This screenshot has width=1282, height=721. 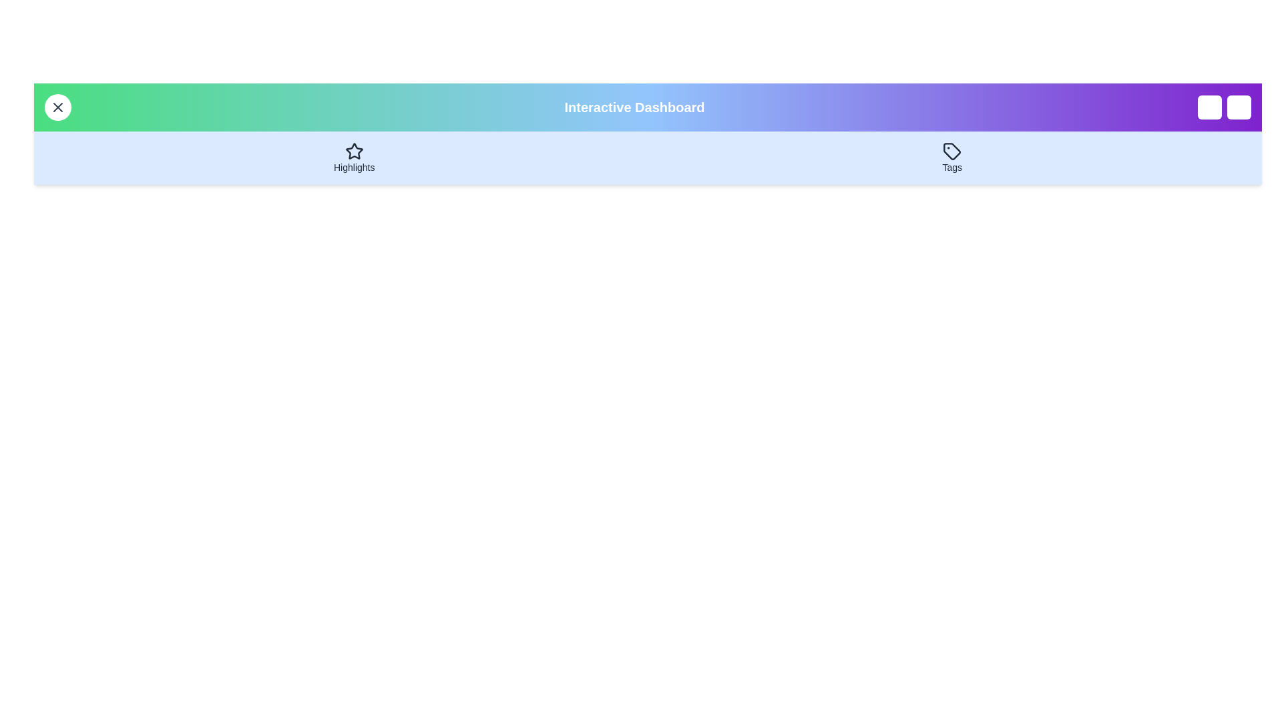 I want to click on the 'Settings' icon to access settings, so click(x=1239, y=107).